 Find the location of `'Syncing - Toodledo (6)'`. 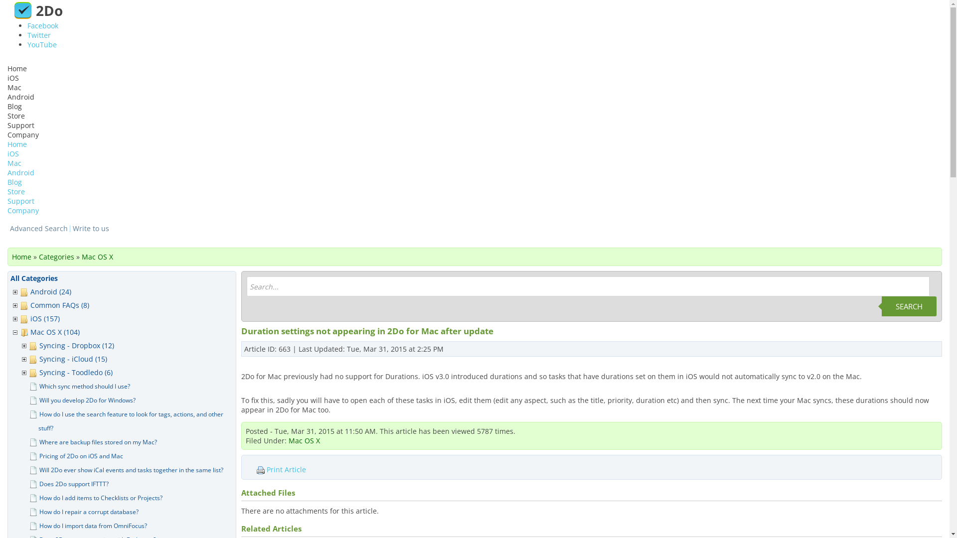

'Syncing - Toodledo (6)' is located at coordinates (77, 372).